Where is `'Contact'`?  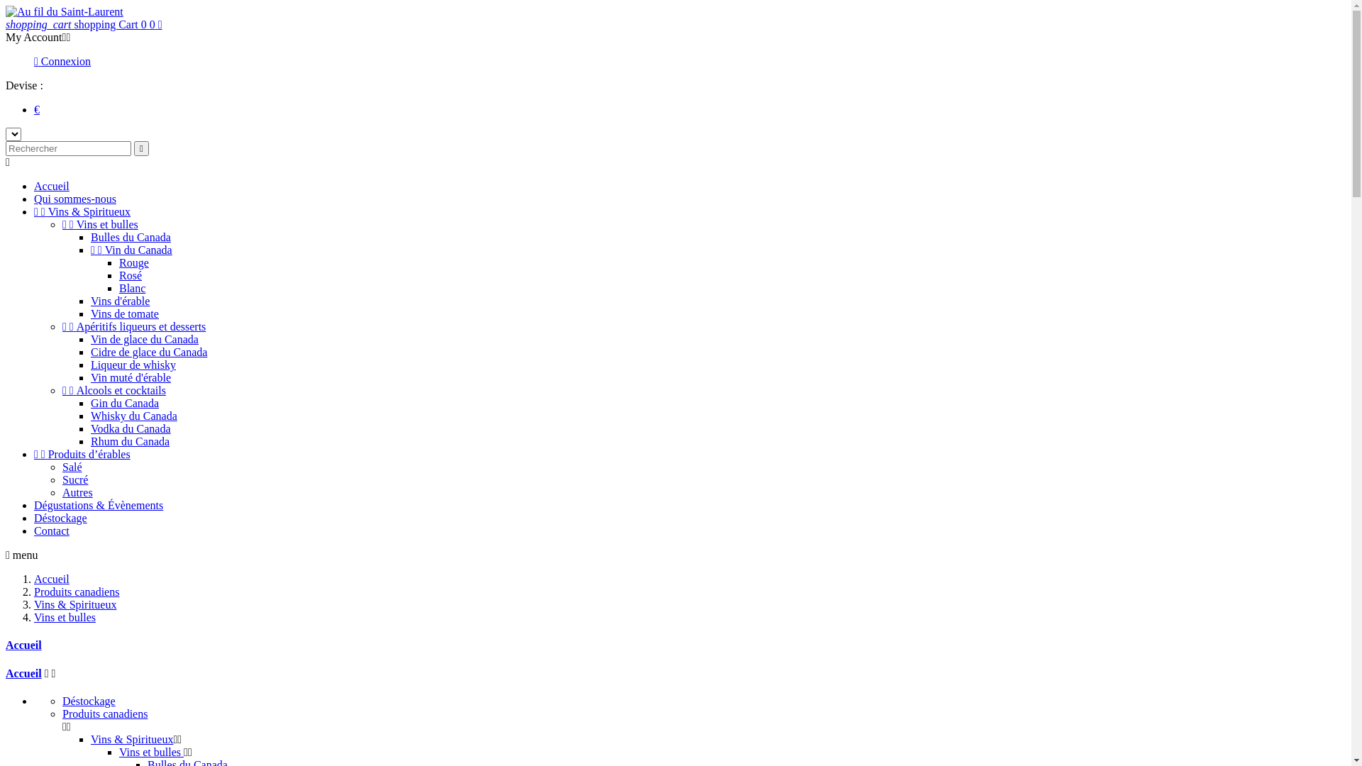 'Contact' is located at coordinates (51, 531).